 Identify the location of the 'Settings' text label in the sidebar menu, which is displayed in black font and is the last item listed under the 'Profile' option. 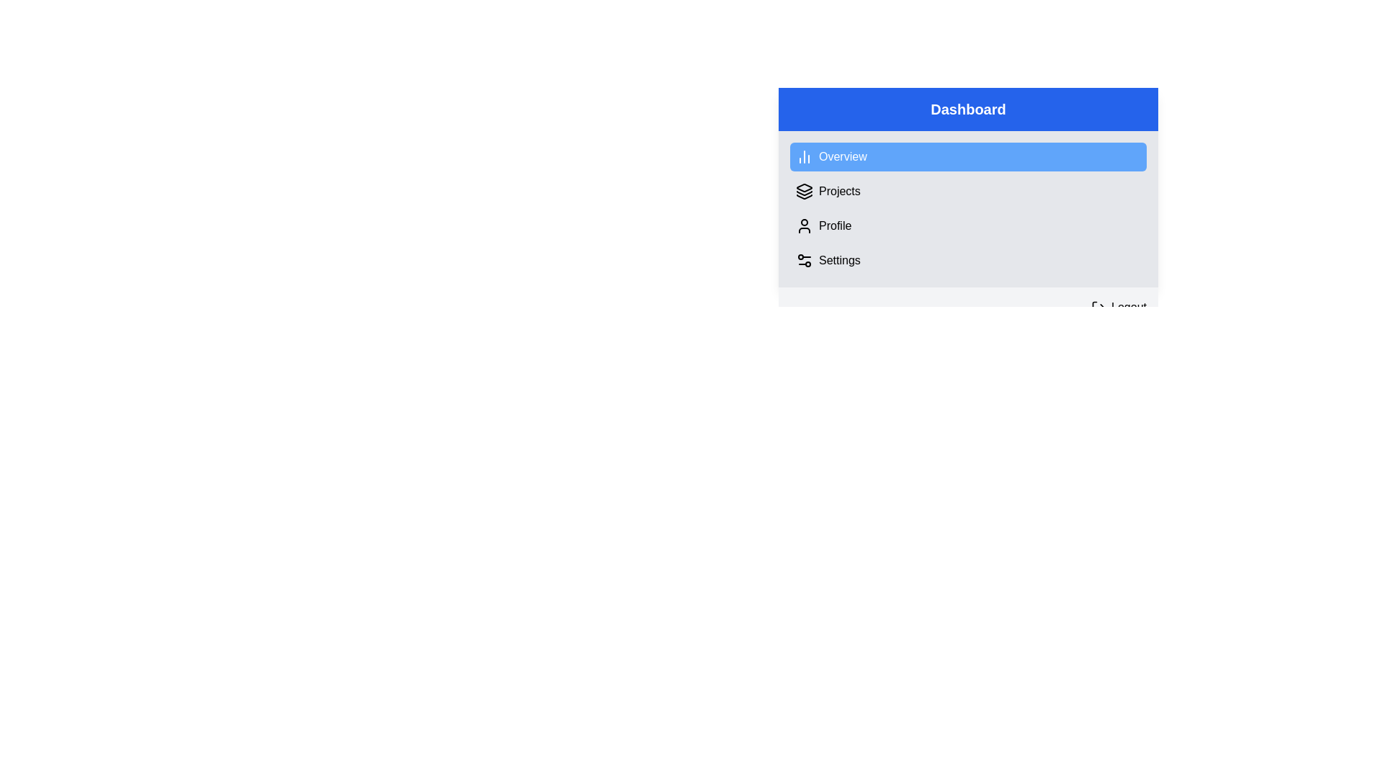
(839, 261).